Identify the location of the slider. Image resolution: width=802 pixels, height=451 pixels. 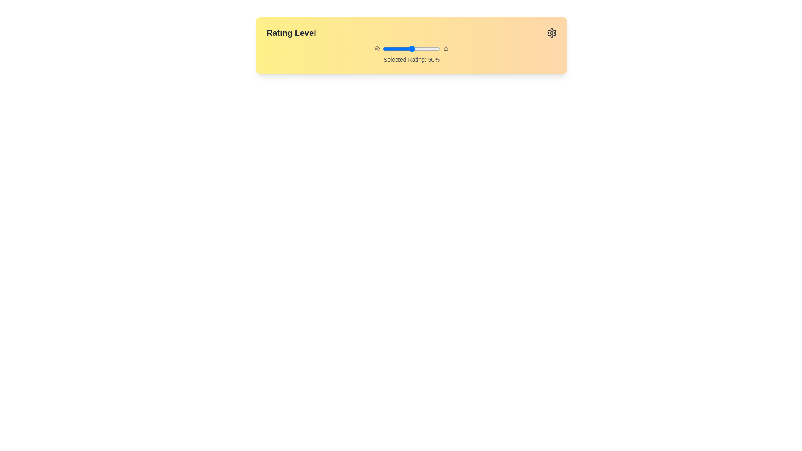
(419, 48).